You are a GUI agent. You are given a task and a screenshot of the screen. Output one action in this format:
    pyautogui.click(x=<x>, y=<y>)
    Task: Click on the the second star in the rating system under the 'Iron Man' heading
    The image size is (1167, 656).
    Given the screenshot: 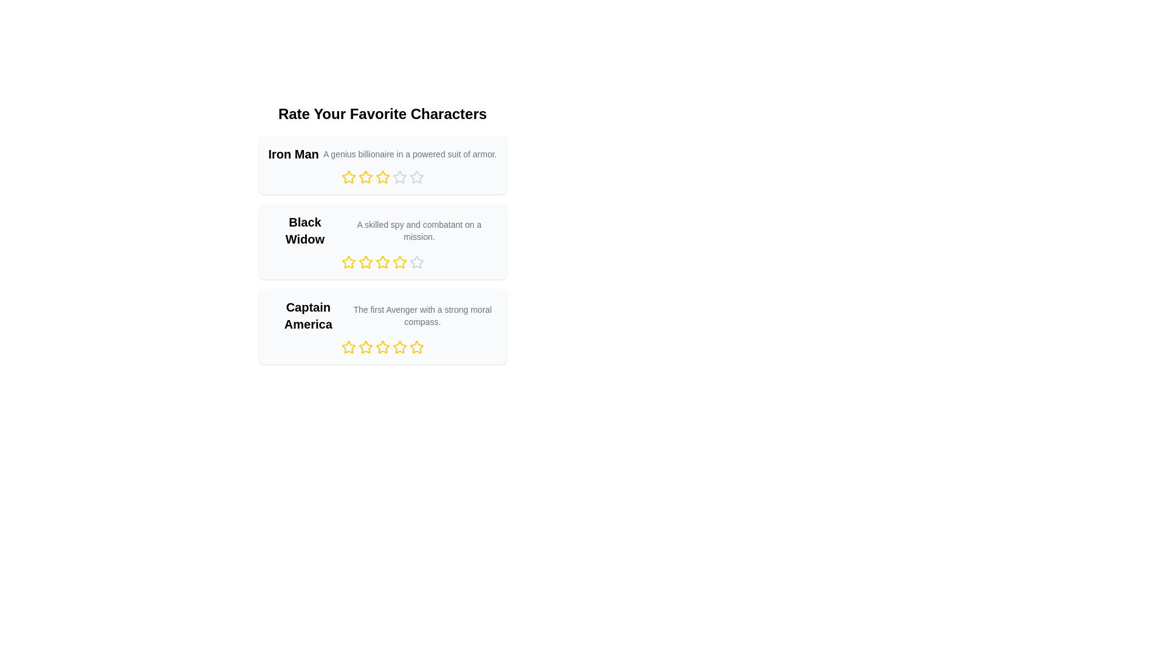 What is the action you would take?
    pyautogui.click(x=365, y=177)
    